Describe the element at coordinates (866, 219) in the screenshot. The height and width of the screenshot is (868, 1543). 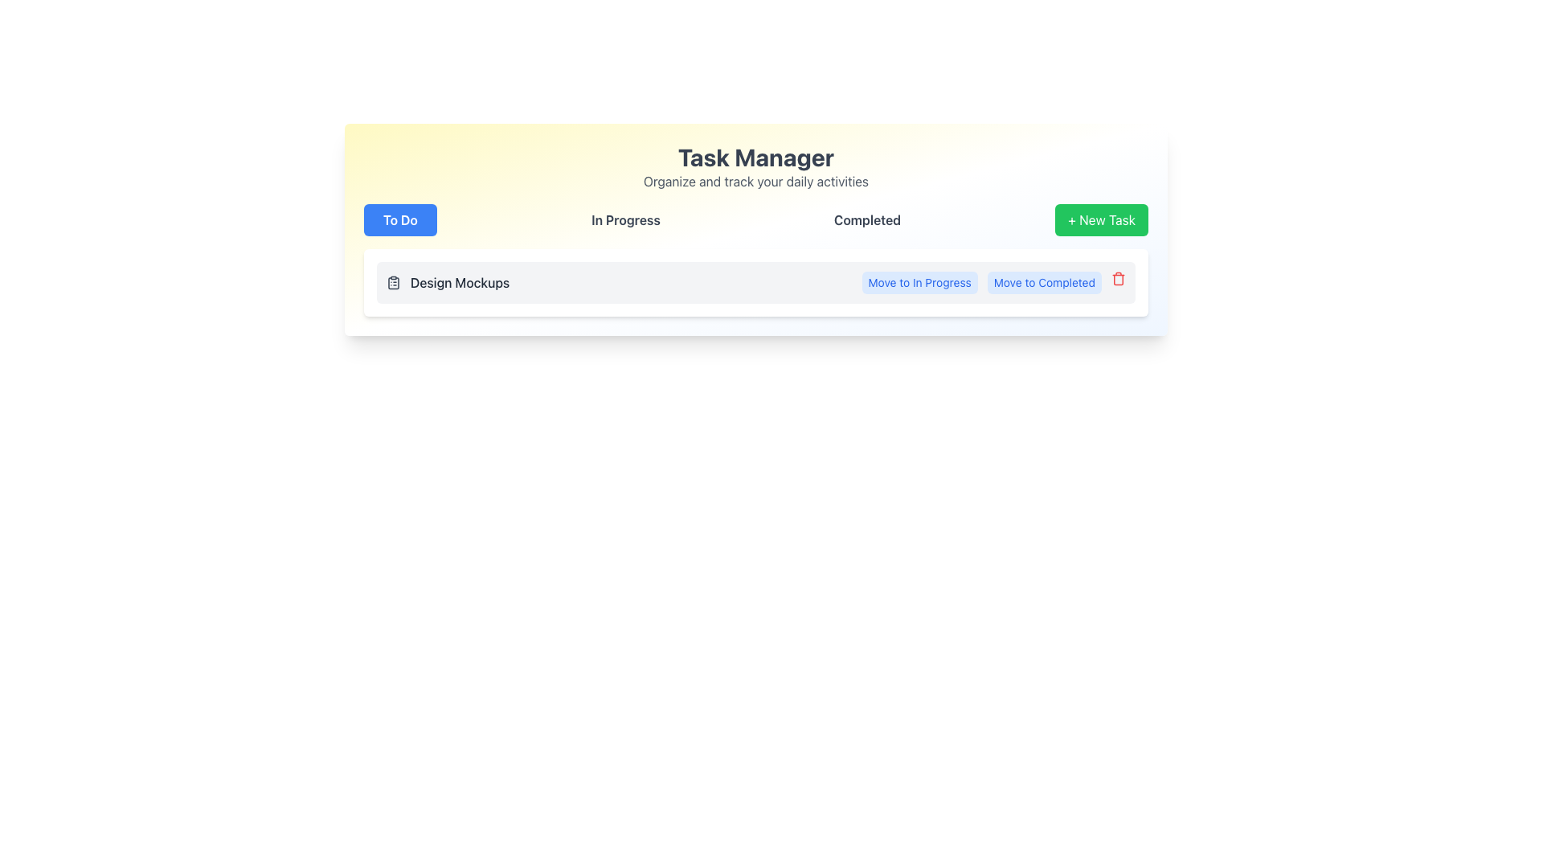
I see `the 'Completed' category selection button located below the 'Task Manager' title, positioned between the 'In Progress' button and the '+ New Task' button` at that location.